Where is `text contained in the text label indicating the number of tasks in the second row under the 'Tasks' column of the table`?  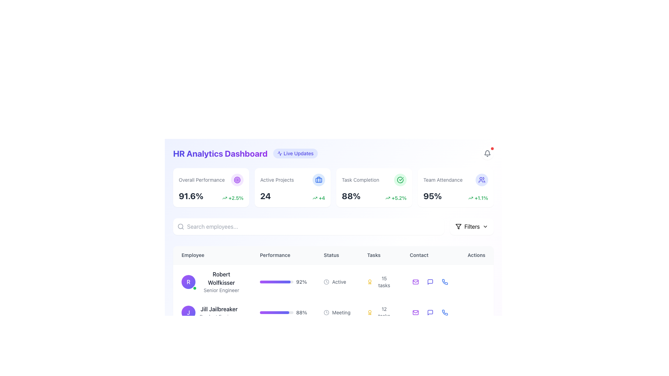
text contained in the text label indicating the number of tasks in the second row under the 'Tasks' column of the table is located at coordinates (384, 312).